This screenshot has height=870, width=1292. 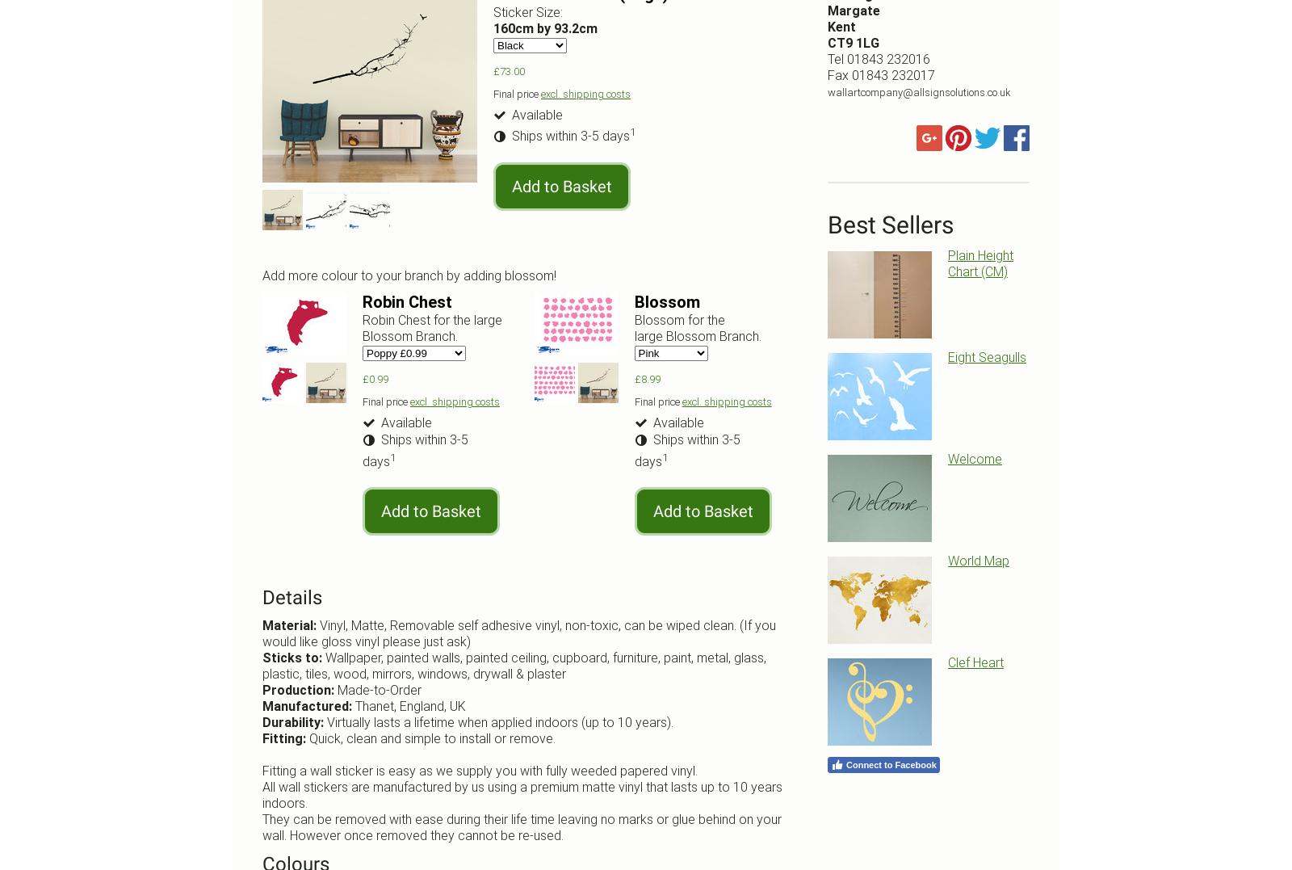 I want to click on 'Tel 01843 232016', so click(x=879, y=58).